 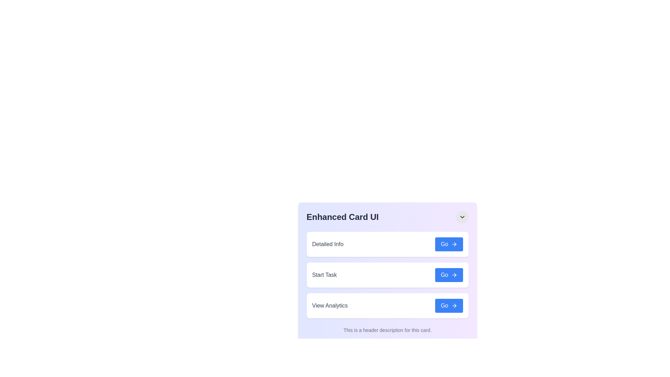 I want to click on the arrow-shaped graphic within the 'Go' button, which is the topmost button in a vertical stack of three buttons labeled 'Detailed Info', 'Start Task', and 'View Analytics', so click(x=455, y=244).